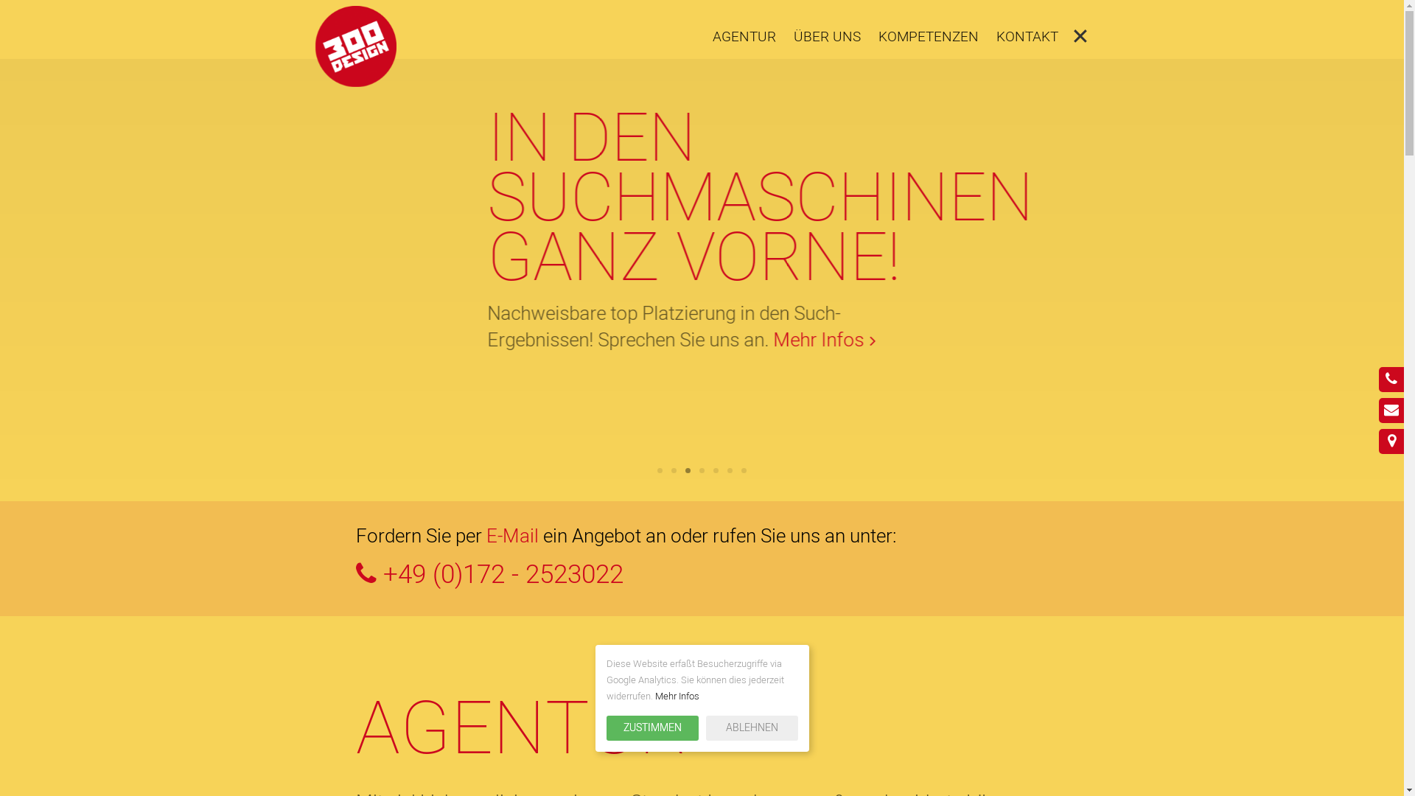 The width and height of the screenshot is (1415, 796). Describe the element at coordinates (675, 696) in the screenshot. I see `'Mehr Infos'` at that location.